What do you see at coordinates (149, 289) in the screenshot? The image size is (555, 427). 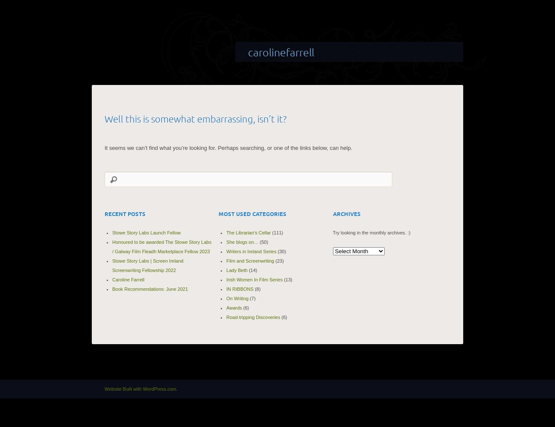 I see `'Book Recommendations: June 2021'` at bounding box center [149, 289].